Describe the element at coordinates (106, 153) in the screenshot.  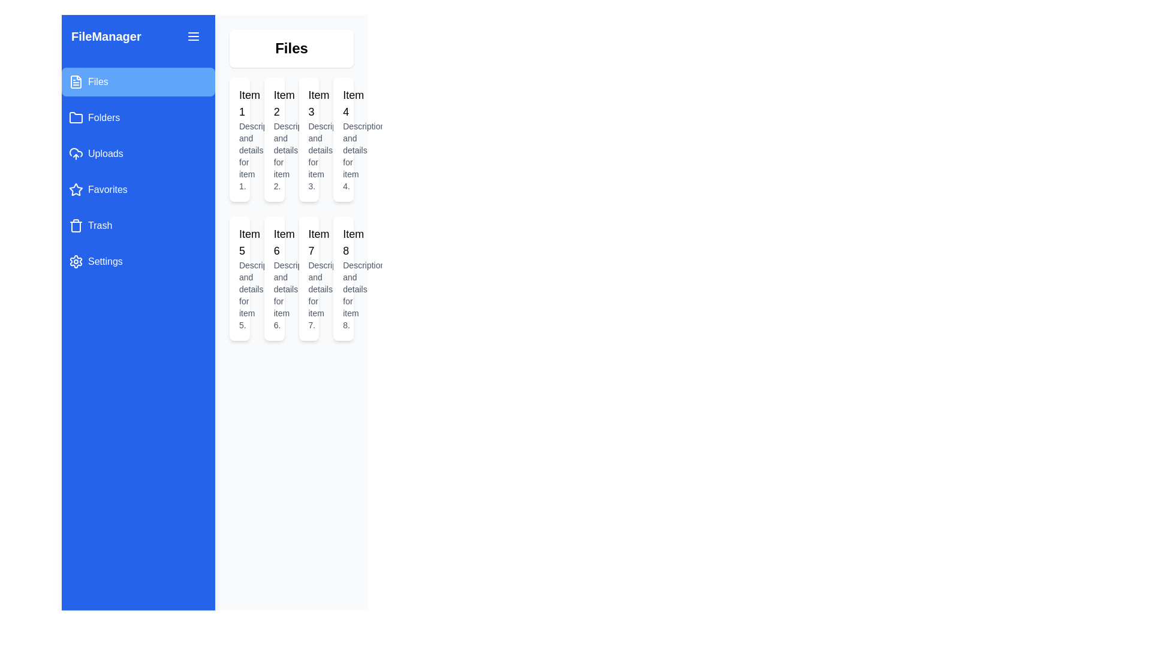
I see `the 'Uploads' text label in the vertical navigation menu` at that location.